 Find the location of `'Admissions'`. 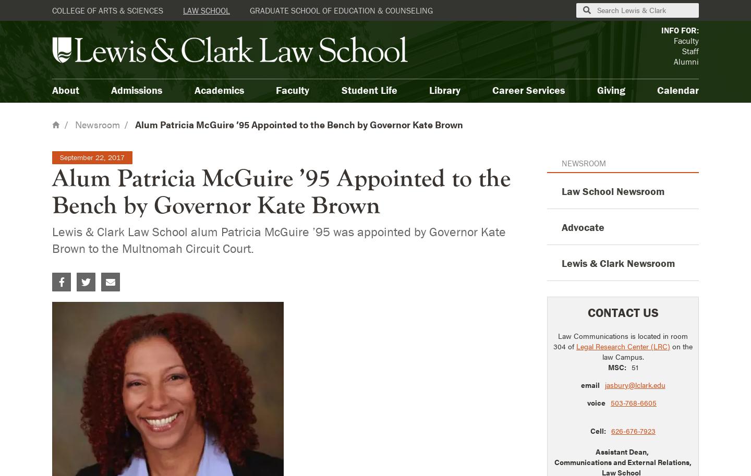

'Admissions' is located at coordinates (111, 89).